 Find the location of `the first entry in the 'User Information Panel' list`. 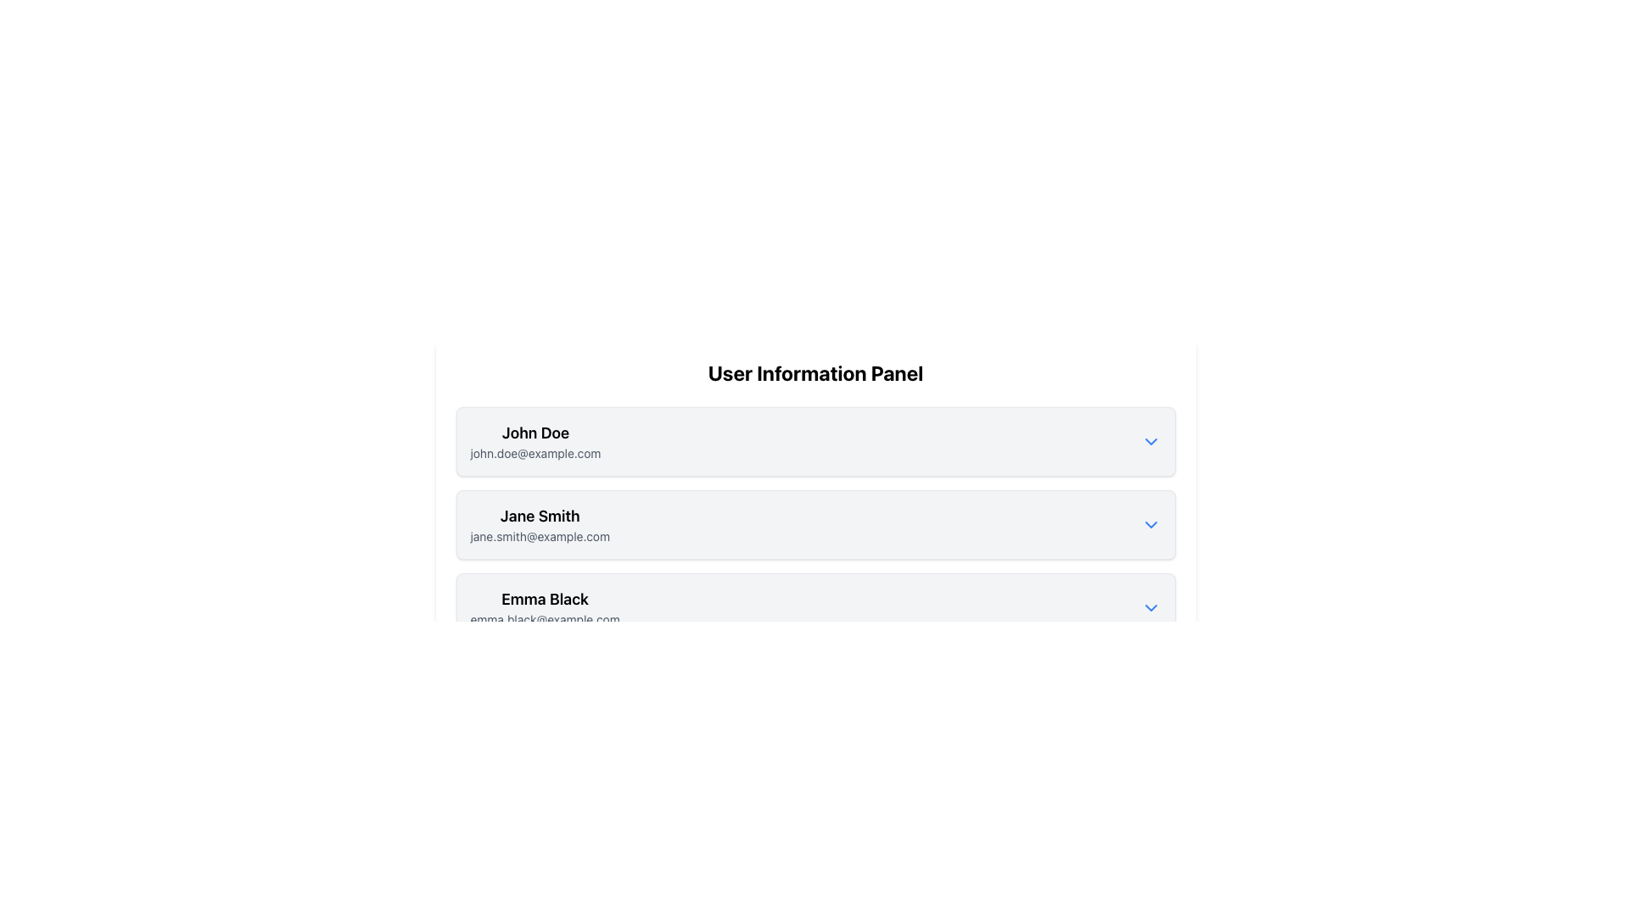

the first entry in the 'User Information Panel' list is located at coordinates (815, 440).